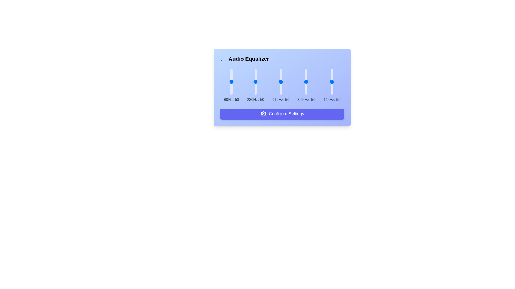 The height and width of the screenshot is (289, 515). What do you see at coordinates (231, 99) in the screenshot?
I see `the static text element displaying '60Hz: 50' in the audio equalizer interface, located at the bottom of the first column` at bounding box center [231, 99].